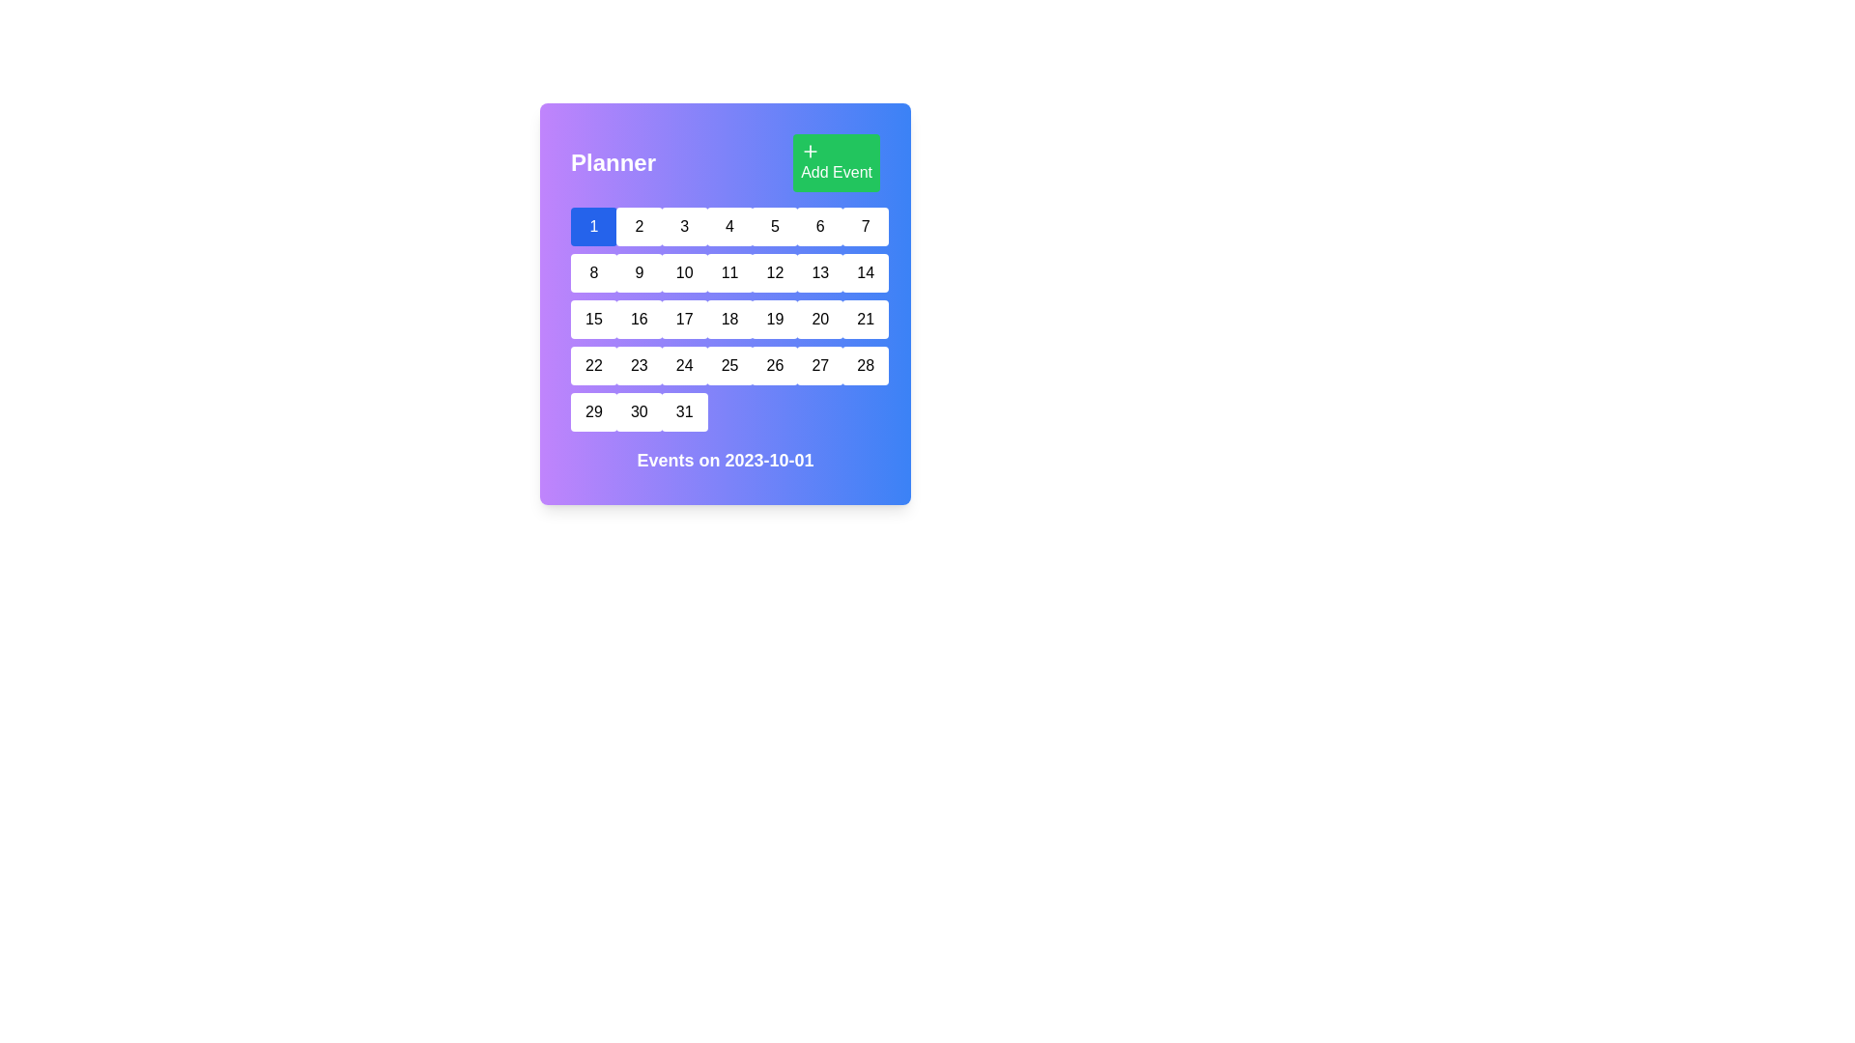  Describe the element at coordinates (684, 411) in the screenshot. I see `the button labeled '31' in the calendar grid` at that location.